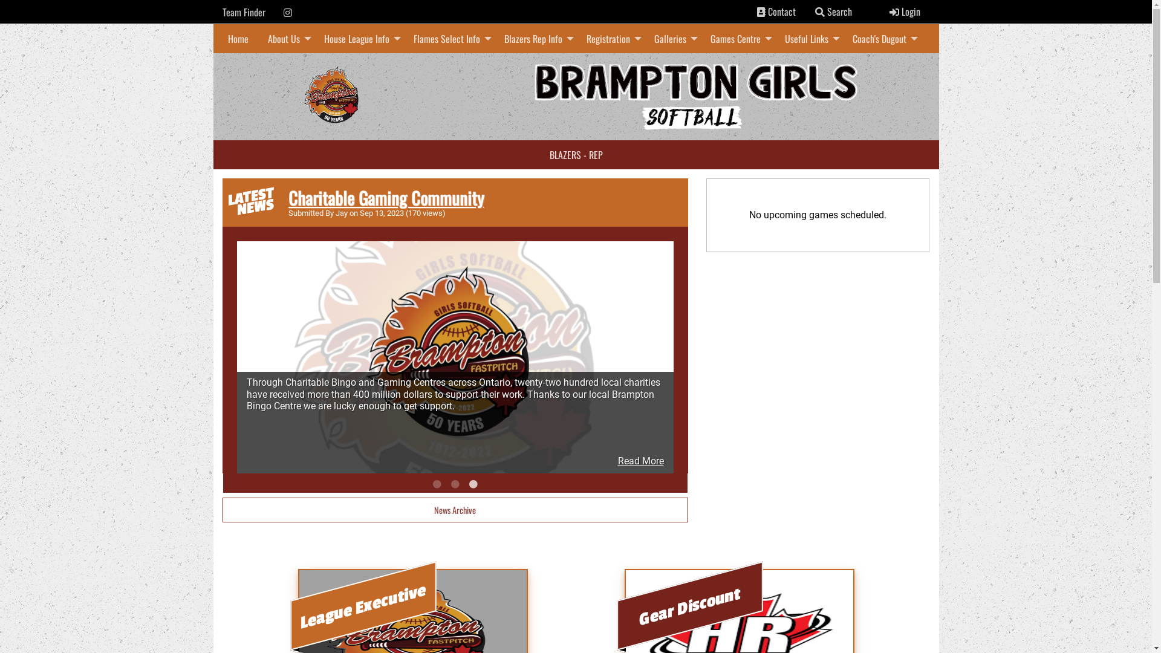  I want to click on ' Search', so click(805, 11).